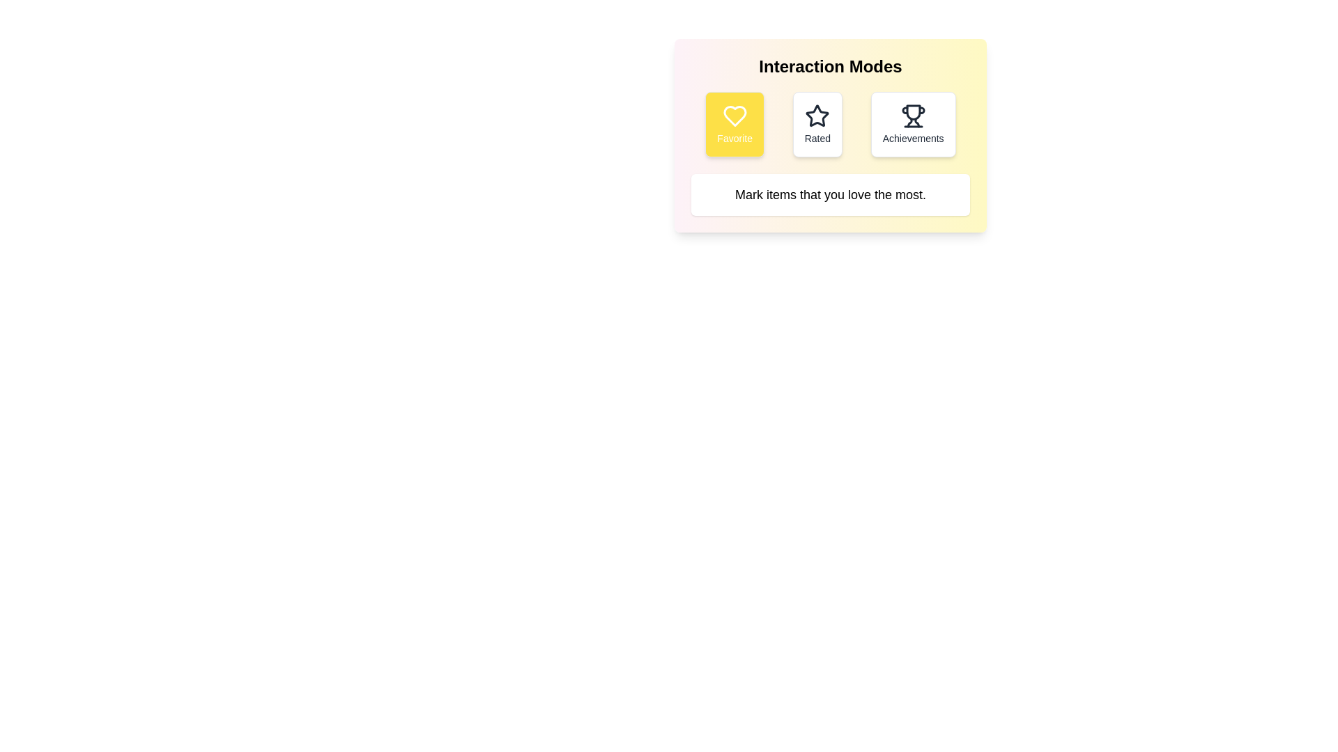 The height and width of the screenshot is (752, 1338). I want to click on the Achievements button to select the corresponding mode, so click(913, 123).